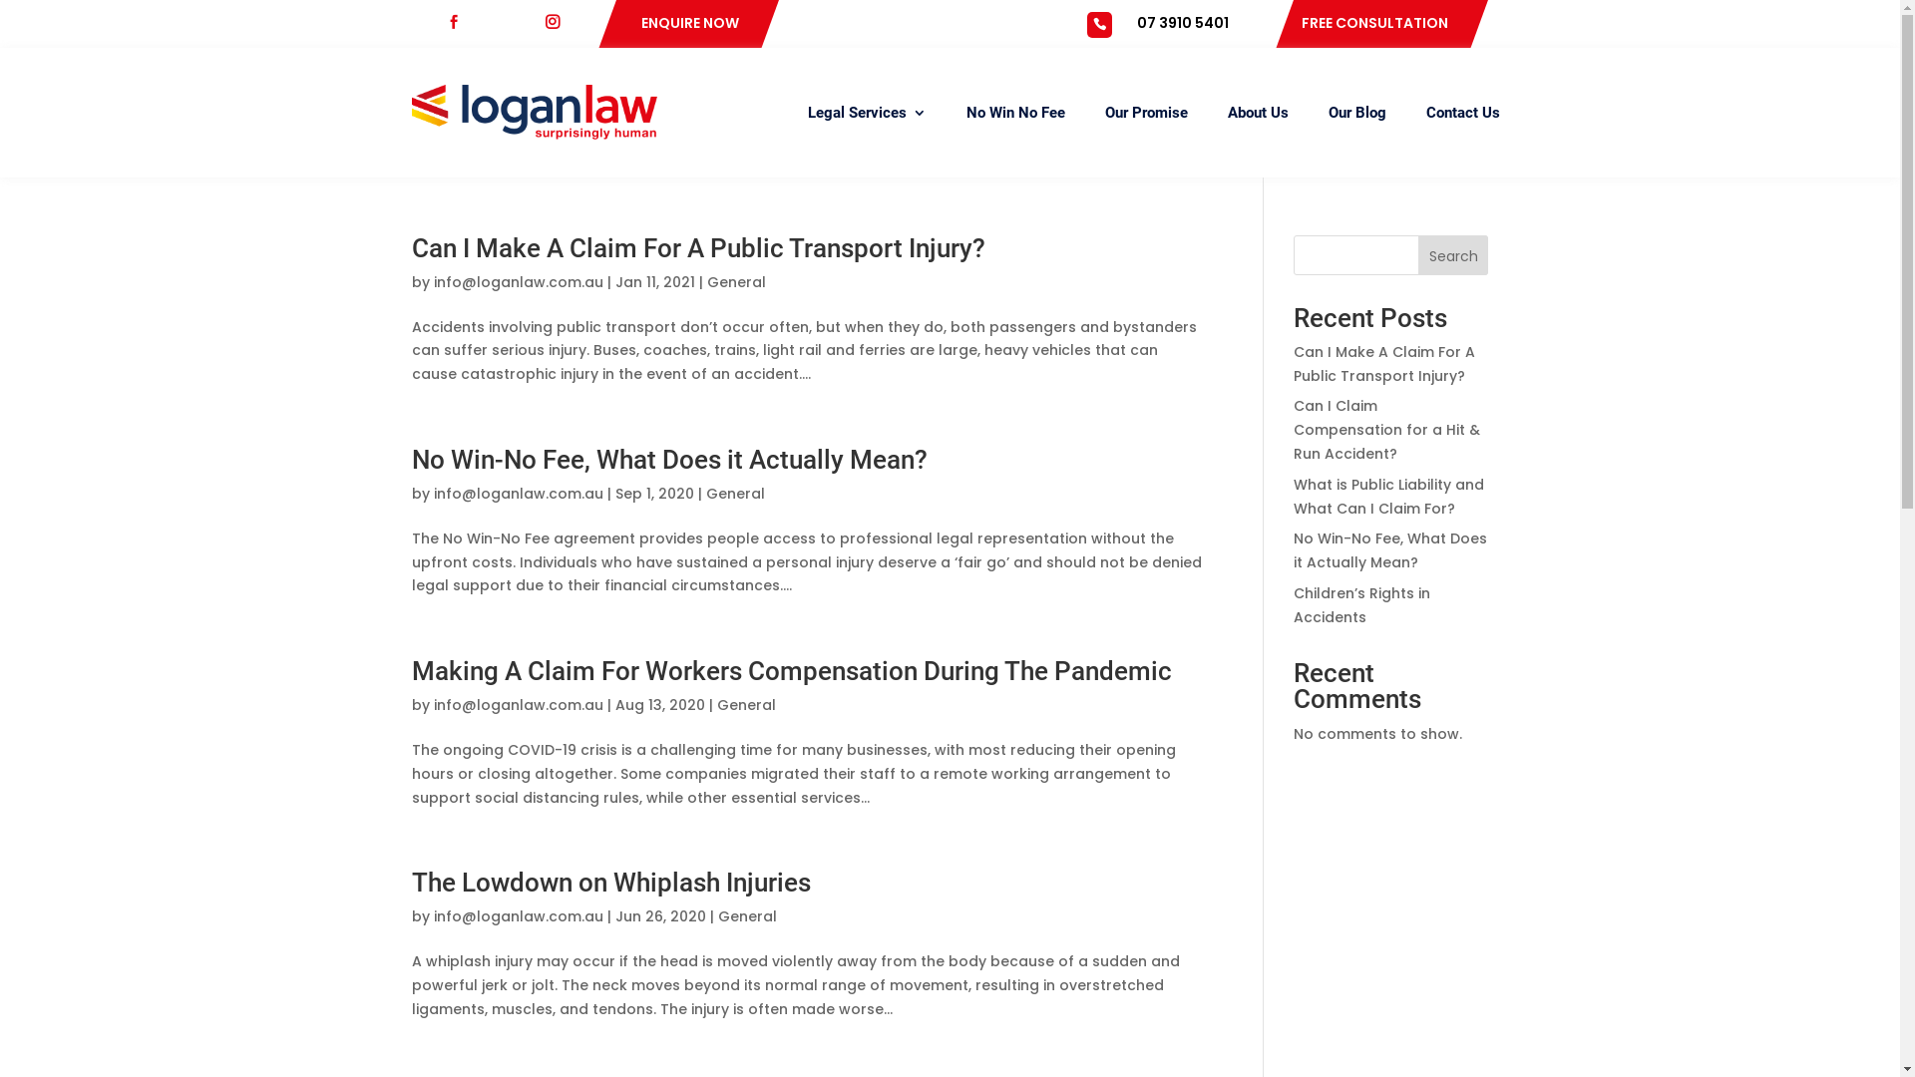 The height and width of the screenshot is (1077, 1915). Describe the element at coordinates (1293, 429) in the screenshot. I see `'Can I Claim Compensation for a Hit & Run Accident?'` at that location.